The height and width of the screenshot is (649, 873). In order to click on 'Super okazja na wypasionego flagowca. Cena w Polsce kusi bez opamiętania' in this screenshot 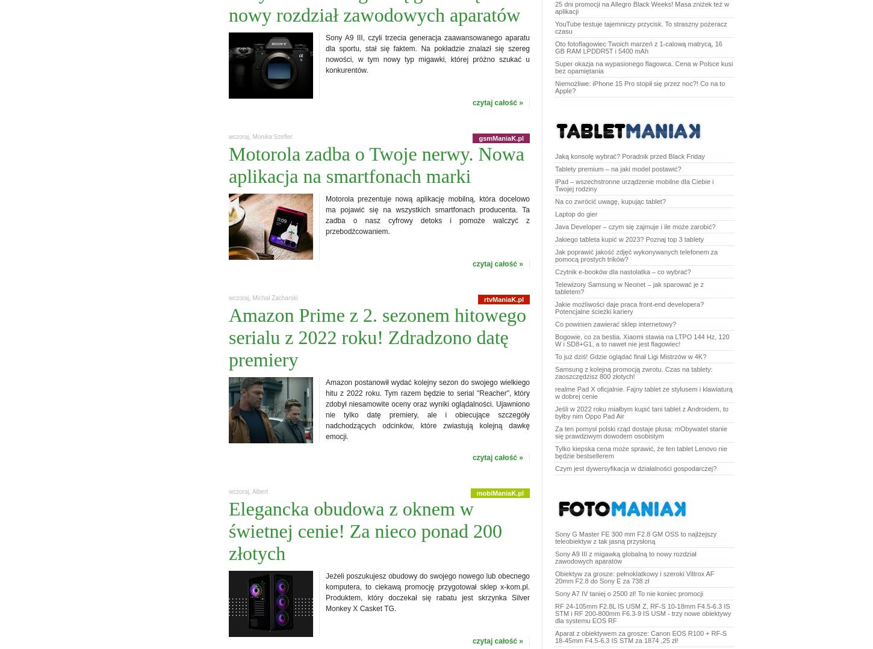, I will do `click(644, 67)`.